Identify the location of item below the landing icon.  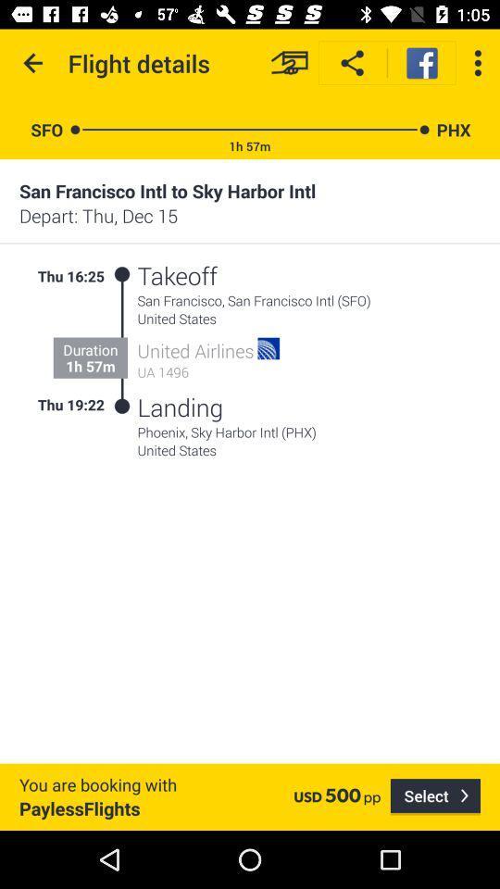
(308, 432).